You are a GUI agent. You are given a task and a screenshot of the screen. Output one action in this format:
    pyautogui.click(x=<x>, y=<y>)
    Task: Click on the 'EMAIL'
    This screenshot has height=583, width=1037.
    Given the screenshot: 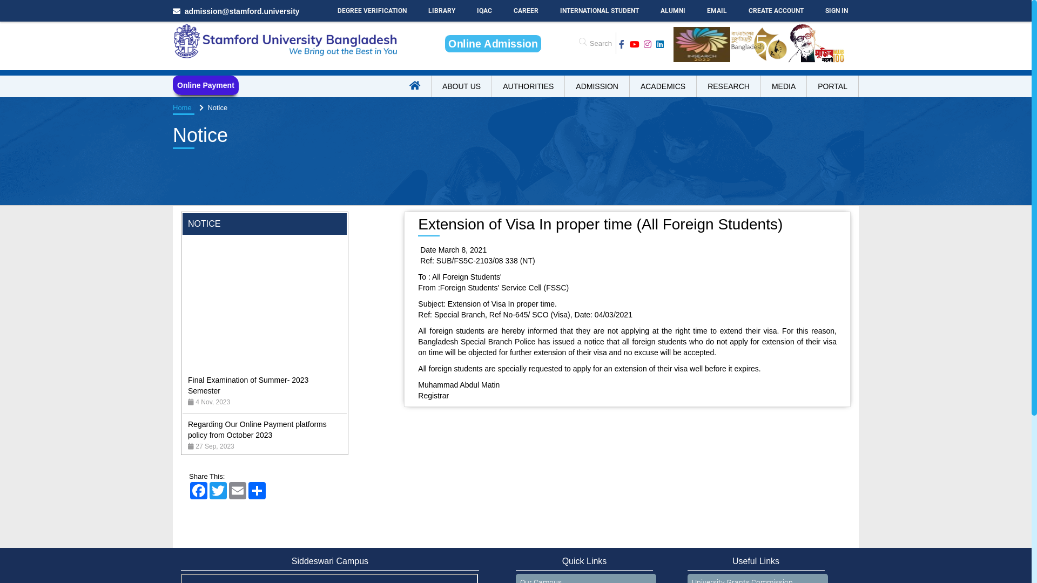 What is the action you would take?
    pyautogui.click(x=717, y=10)
    